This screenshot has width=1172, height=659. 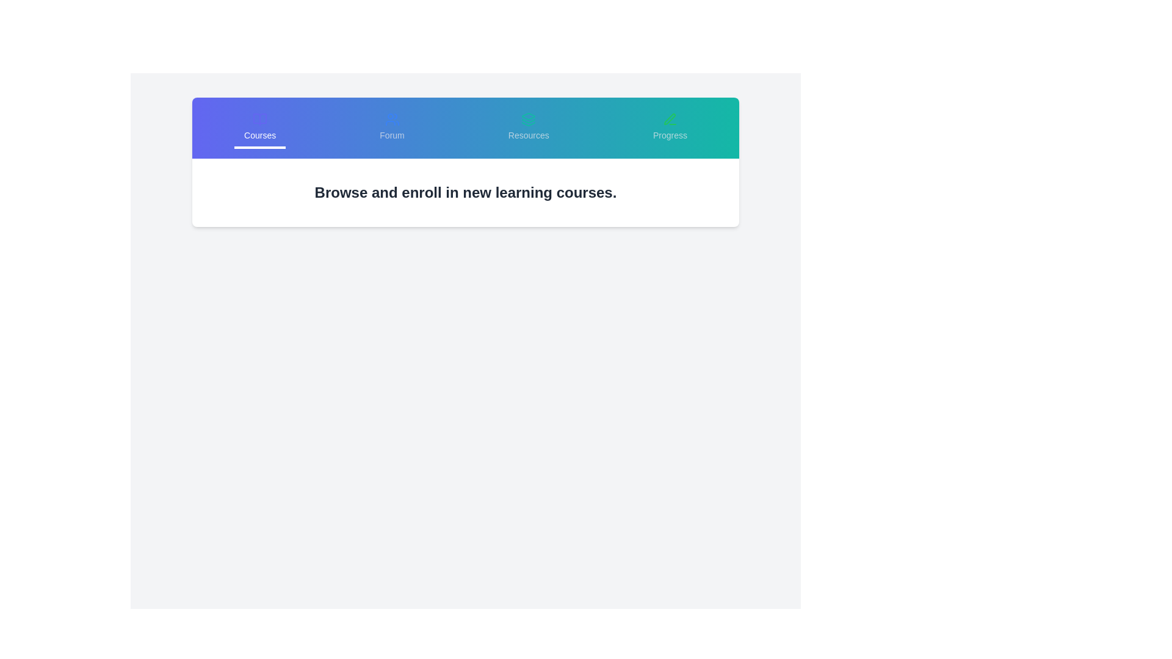 What do you see at coordinates (669, 128) in the screenshot?
I see `the tab option Progress` at bounding box center [669, 128].